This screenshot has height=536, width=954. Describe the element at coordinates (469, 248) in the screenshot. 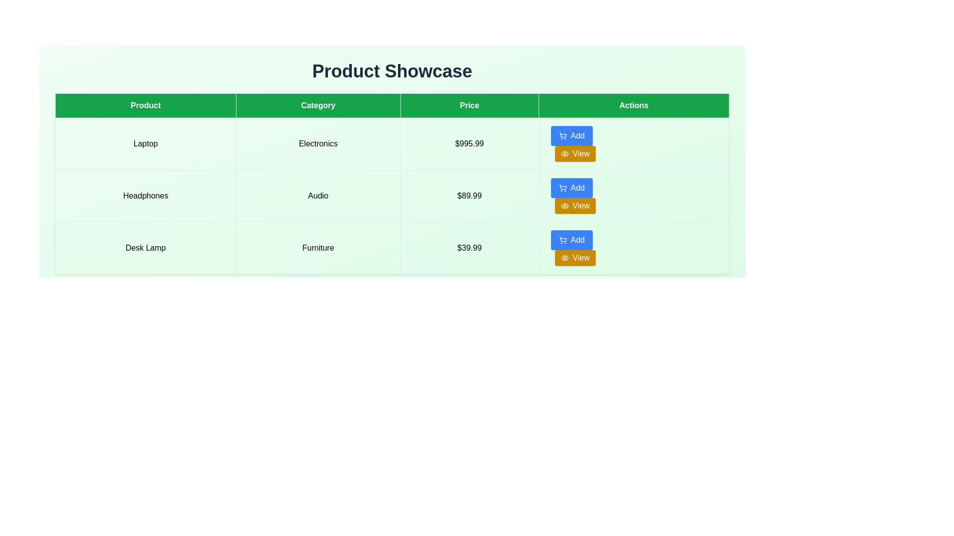

I see `the 'Price' text label displaying the price of the product 'Desk Lamp', which is located in the third column of the last row of the table` at that location.